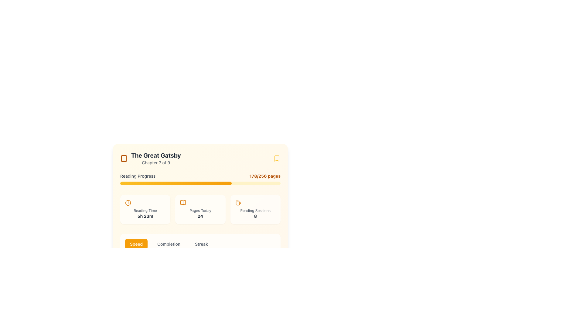 This screenshot has width=583, height=328. I want to click on the book icon representing the 'Pages Today' metric, located above the text 'Pages Today' and to the left of the number '24', so click(183, 203).